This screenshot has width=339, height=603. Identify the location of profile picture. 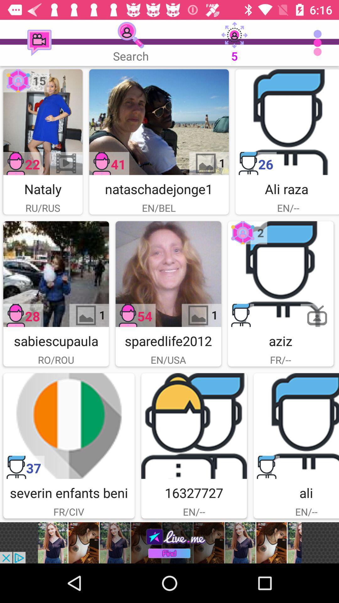
(280, 274).